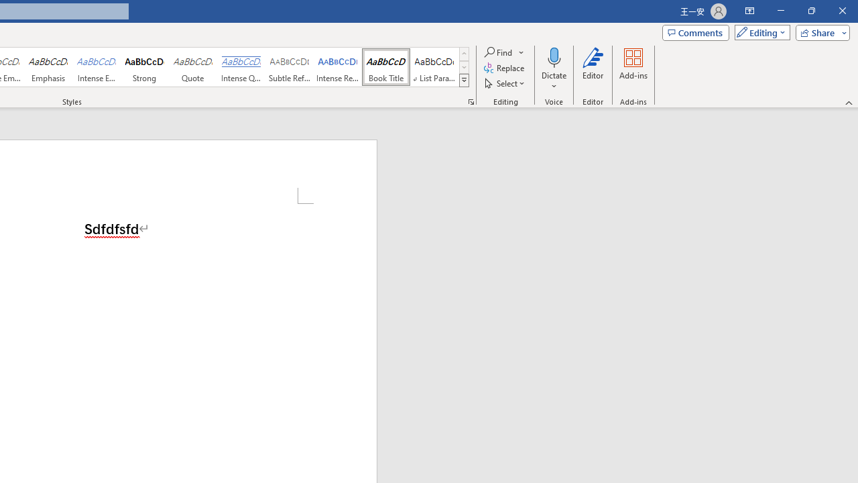 This screenshot has height=483, width=858. Describe the element at coordinates (498, 52) in the screenshot. I see `'Find'` at that location.